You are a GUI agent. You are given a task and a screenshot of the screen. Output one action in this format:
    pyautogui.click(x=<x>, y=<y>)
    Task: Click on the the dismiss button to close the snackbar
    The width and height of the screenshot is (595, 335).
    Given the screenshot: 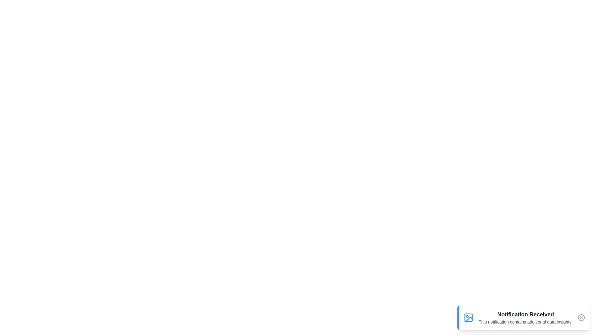 What is the action you would take?
    pyautogui.click(x=581, y=317)
    